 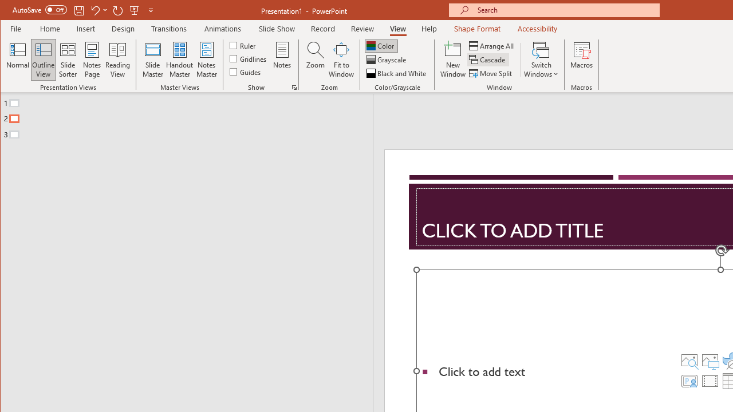 I want to click on 'Notes Master', so click(x=206, y=60).